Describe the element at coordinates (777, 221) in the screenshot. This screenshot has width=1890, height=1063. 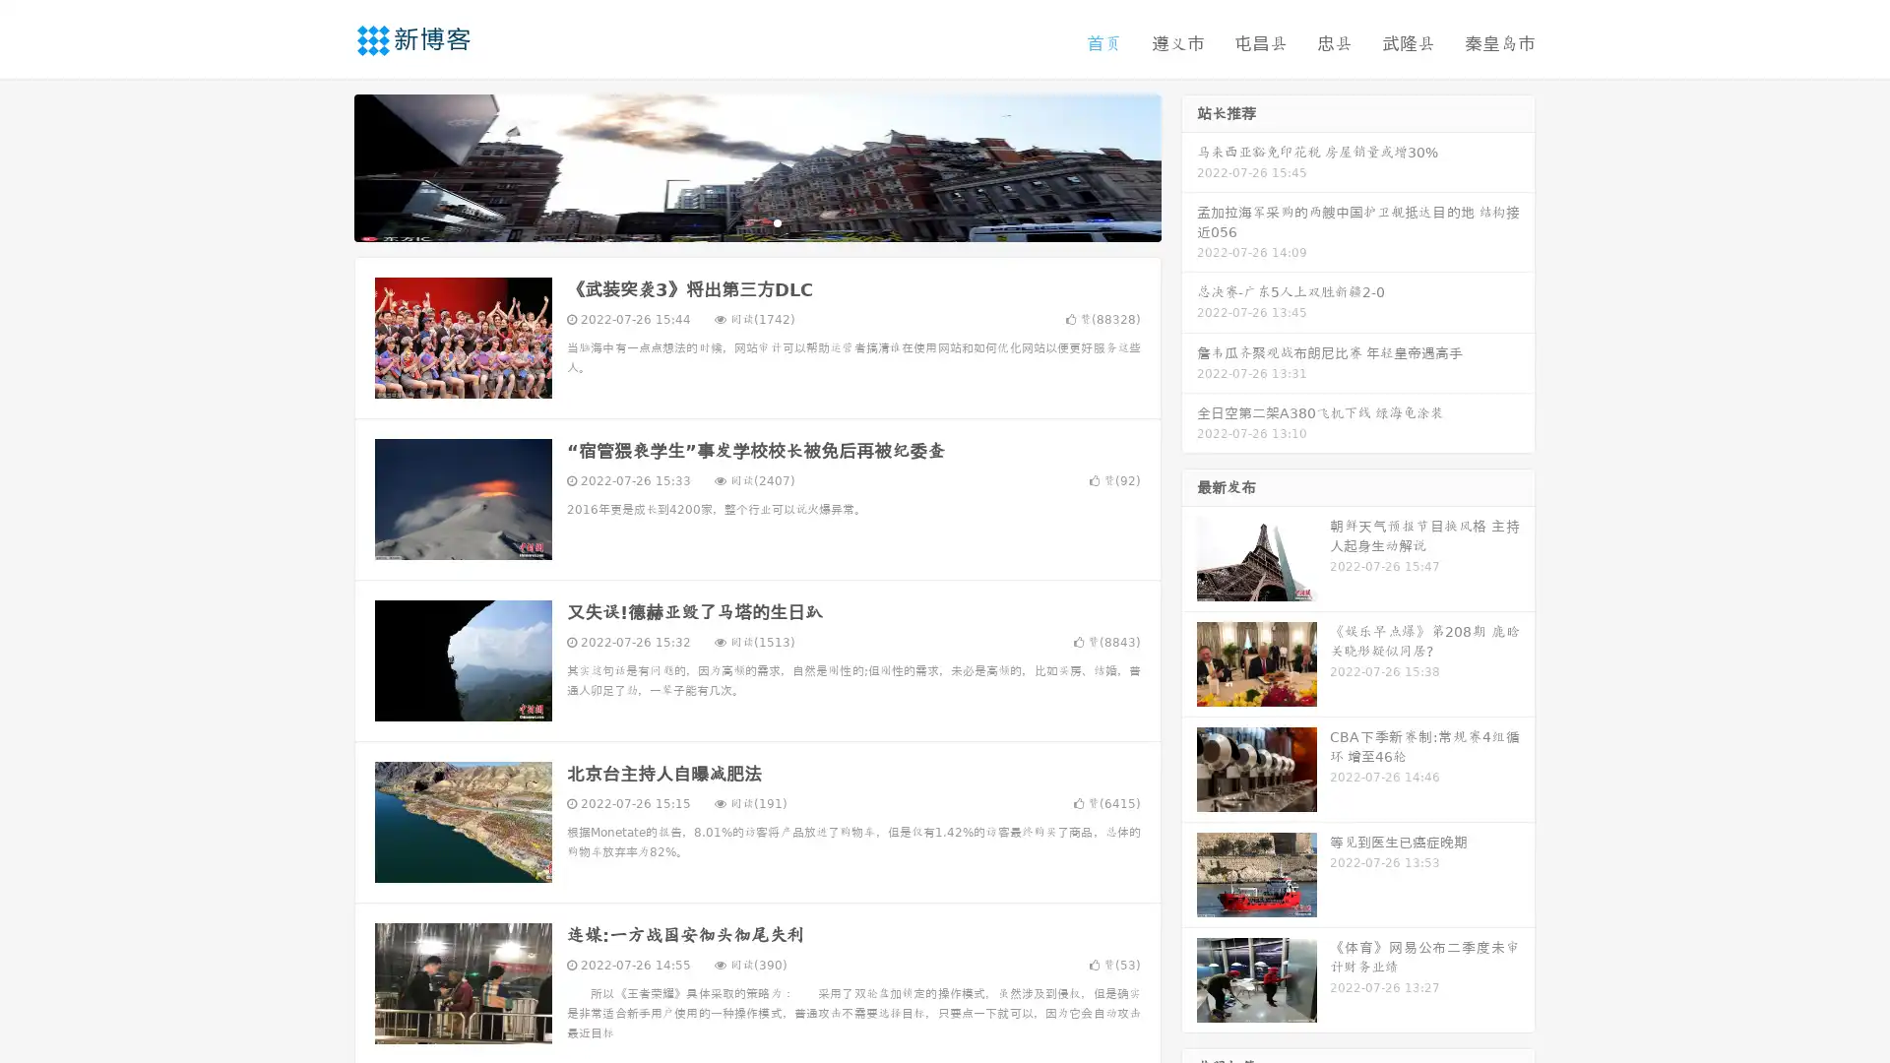
I see `Go to slide 3` at that location.